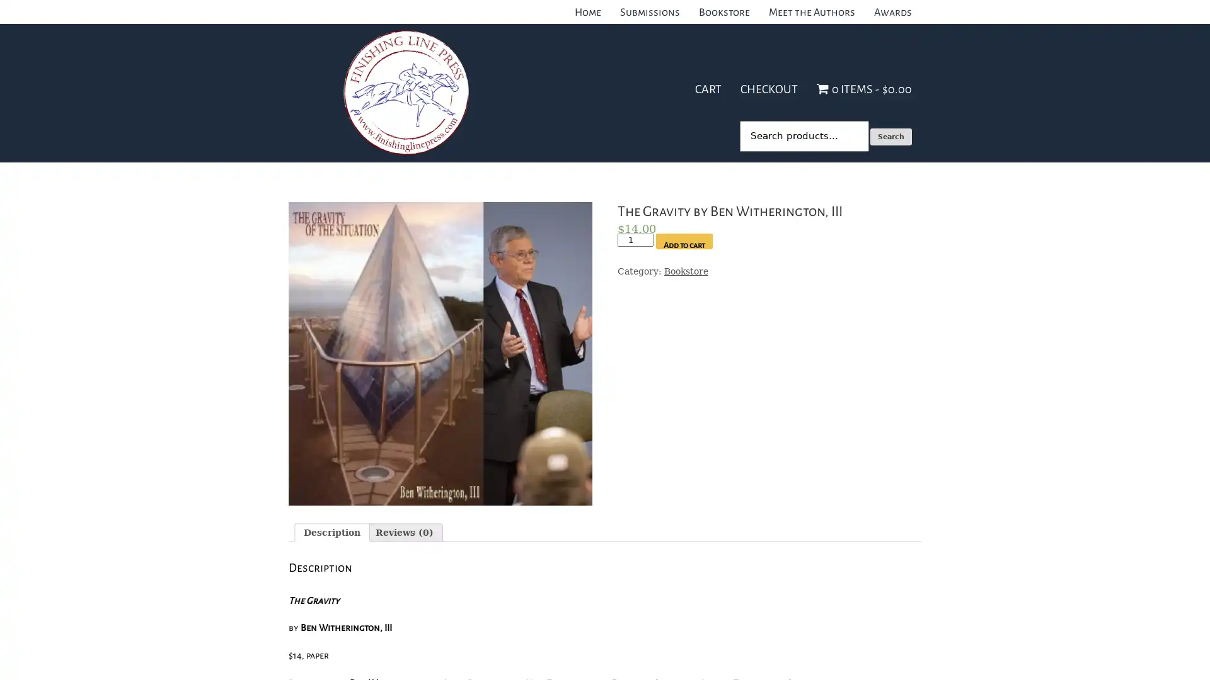 The height and width of the screenshot is (680, 1210). Describe the element at coordinates (890, 137) in the screenshot. I see `Search` at that location.